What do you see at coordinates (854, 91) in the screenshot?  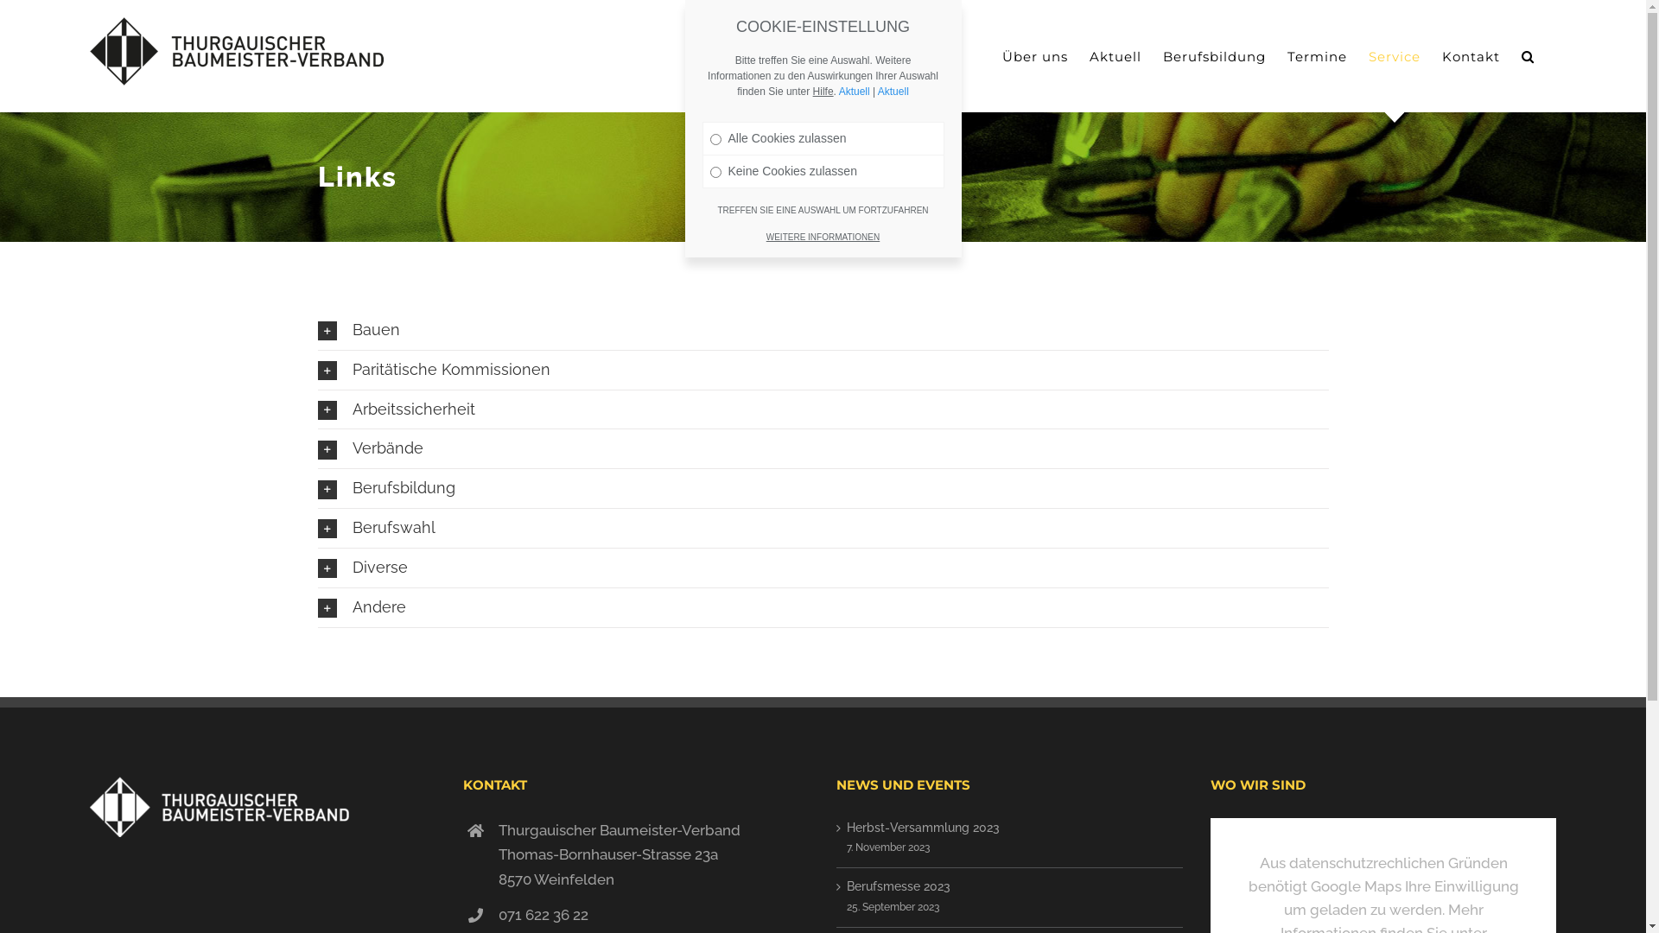 I see `'Aktuell'` at bounding box center [854, 91].